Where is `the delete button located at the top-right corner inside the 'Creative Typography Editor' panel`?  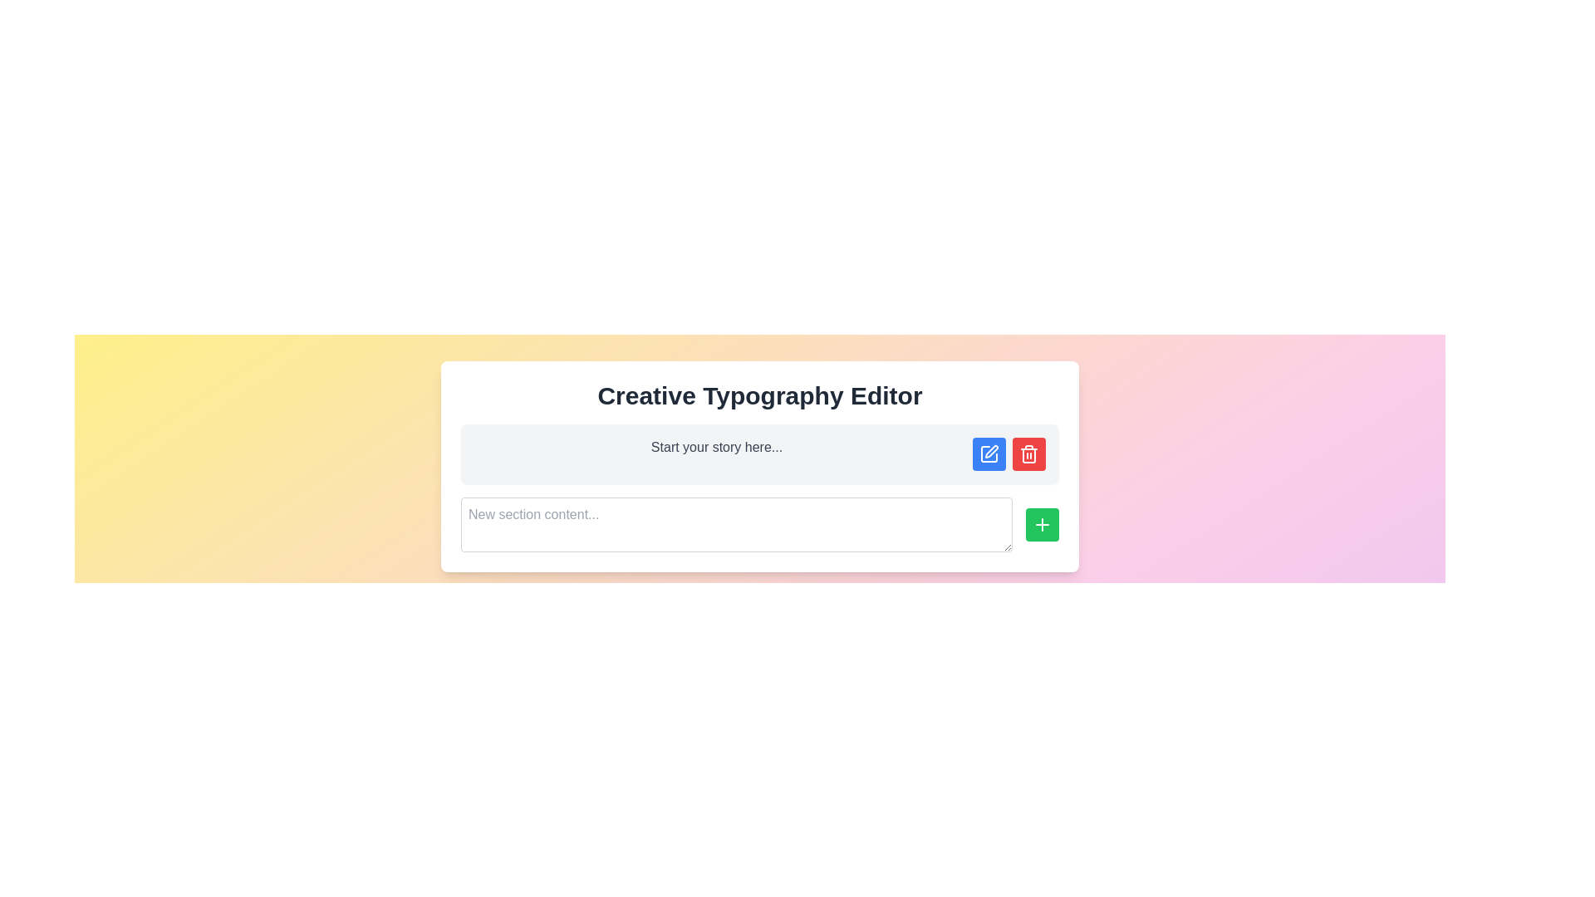
the delete button located at the top-right corner inside the 'Creative Typography Editor' panel is located at coordinates (1028, 454).